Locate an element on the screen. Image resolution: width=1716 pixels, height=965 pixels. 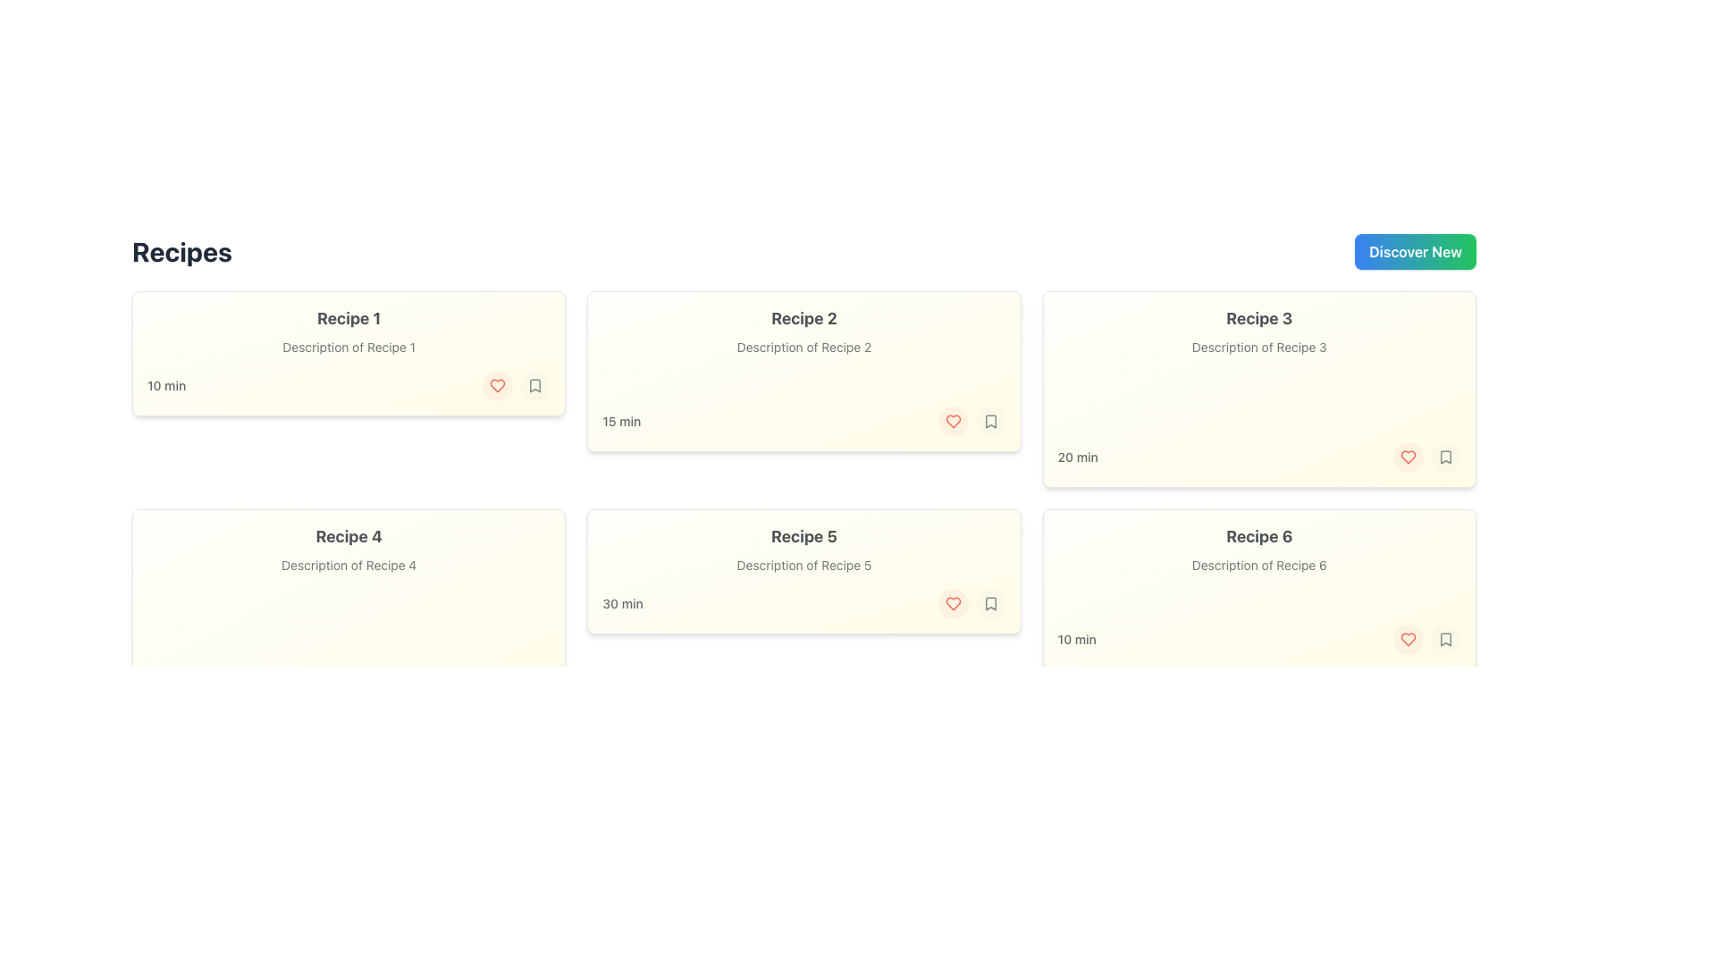
the bookmark icon located at the bottom-right corner of the 'Recipe 1' card to bookmark the recipe for later access is located at coordinates (534, 385).